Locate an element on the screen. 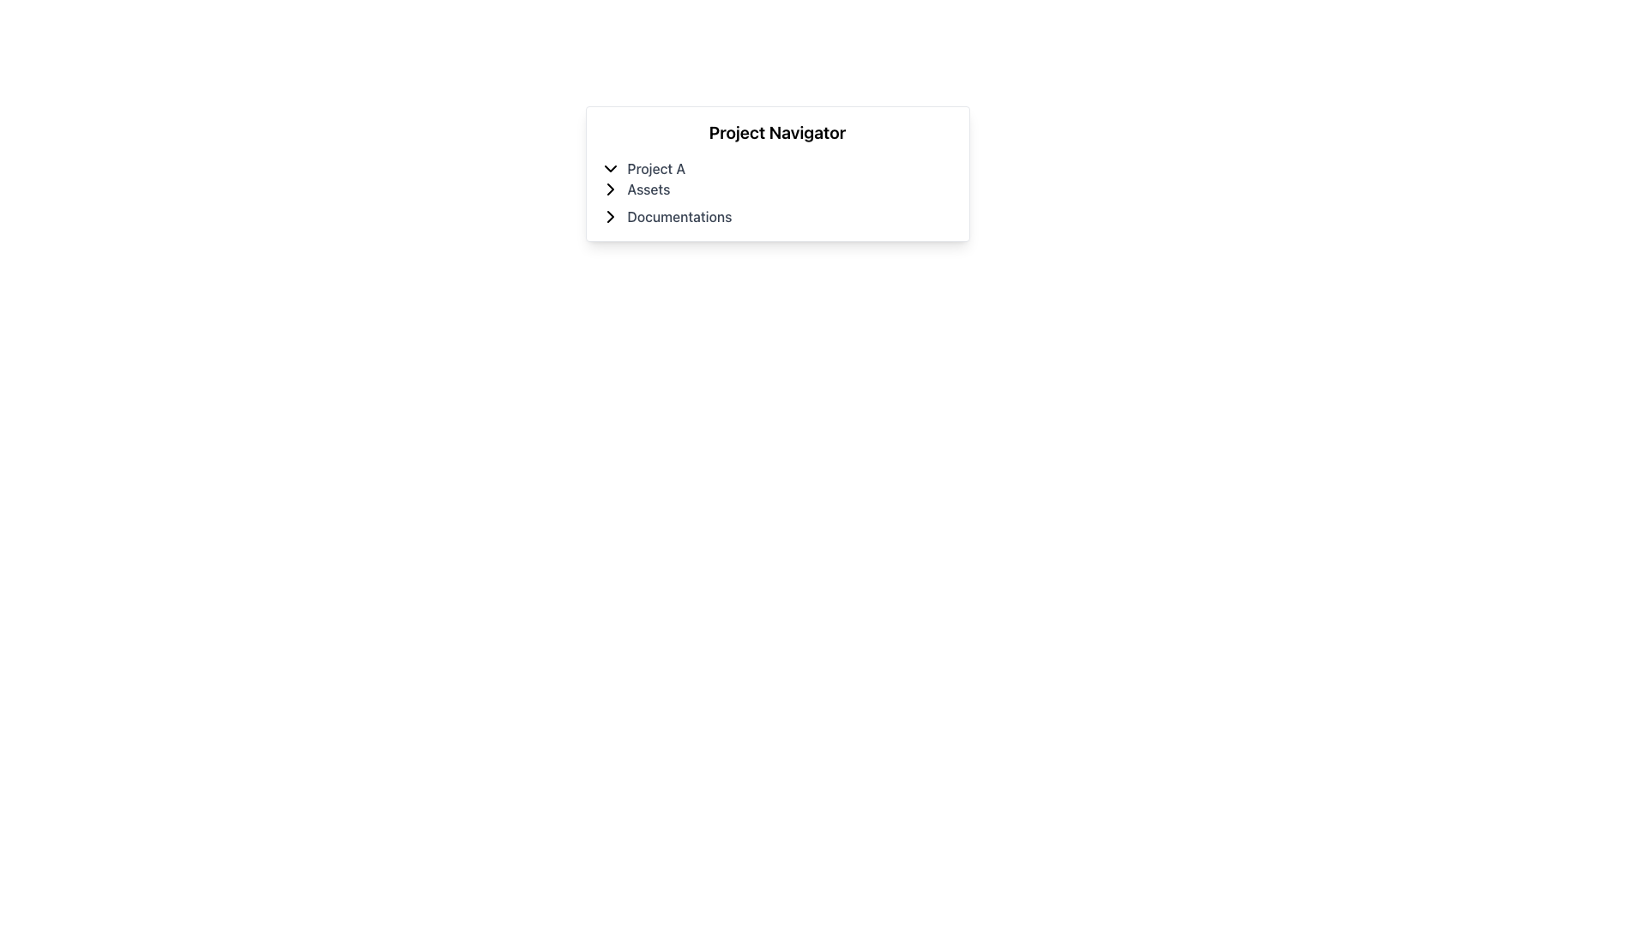  the text label reading 'Documentations' is located at coordinates (679, 216).